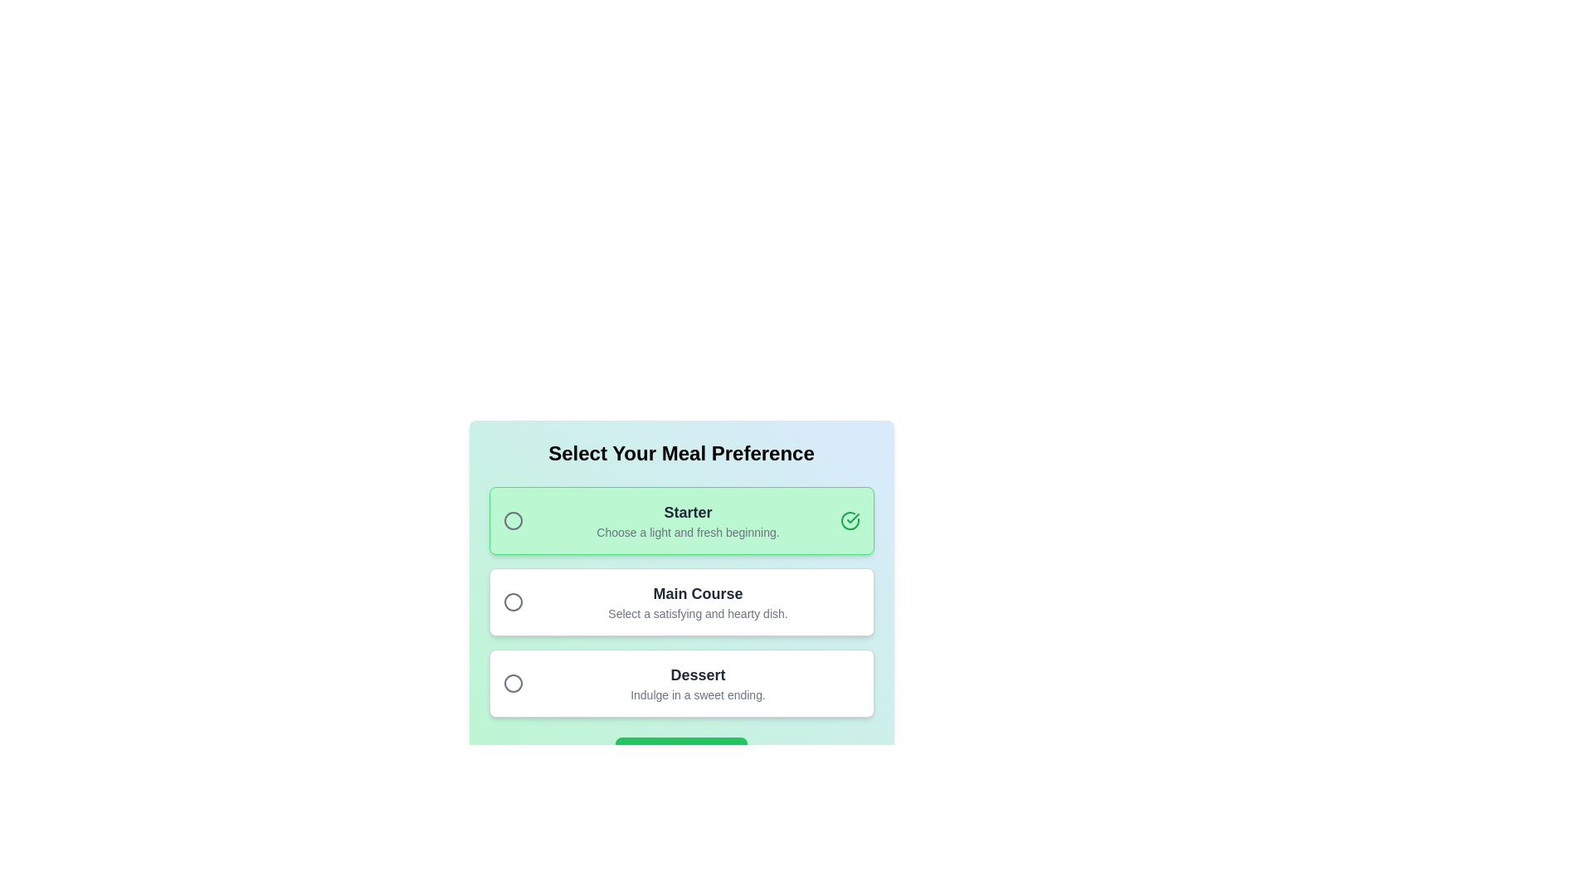 Image resolution: width=1593 pixels, height=896 pixels. Describe the element at coordinates (681, 605) in the screenshot. I see `the main course selection card, which is the second card in the vertical stack of three meal preference options` at that location.